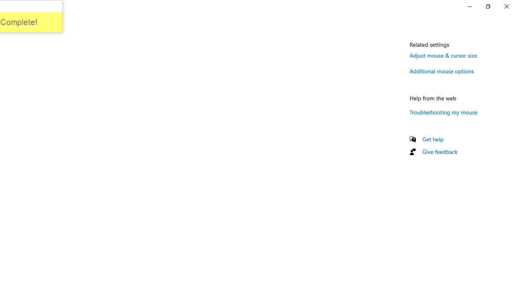  What do you see at coordinates (441, 70) in the screenshot?
I see `'Additional mouse options'` at bounding box center [441, 70].